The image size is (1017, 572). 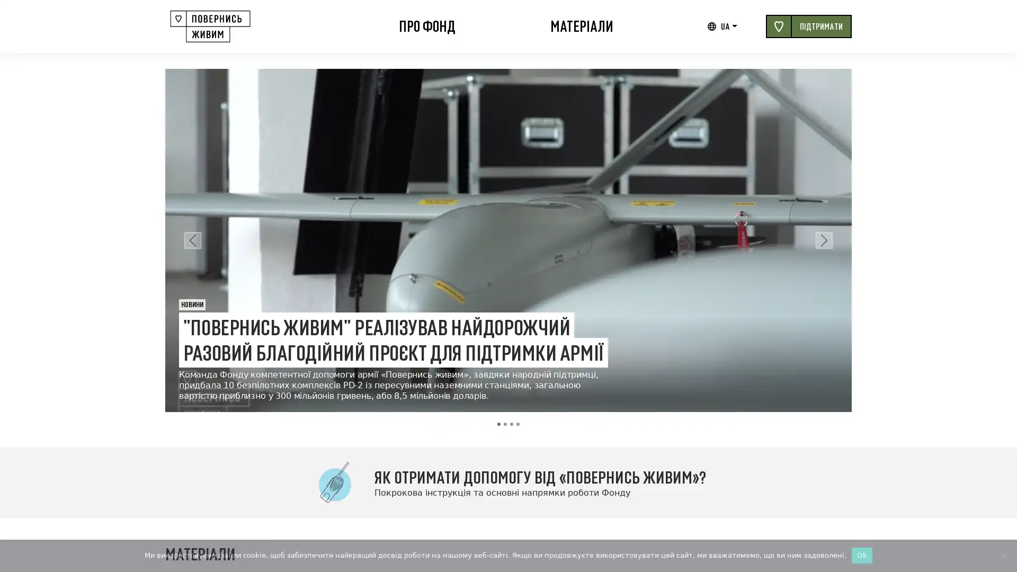 What do you see at coordinates (728, 26) in the screenshot?
I see `UA` at bounding box center [728, 26].